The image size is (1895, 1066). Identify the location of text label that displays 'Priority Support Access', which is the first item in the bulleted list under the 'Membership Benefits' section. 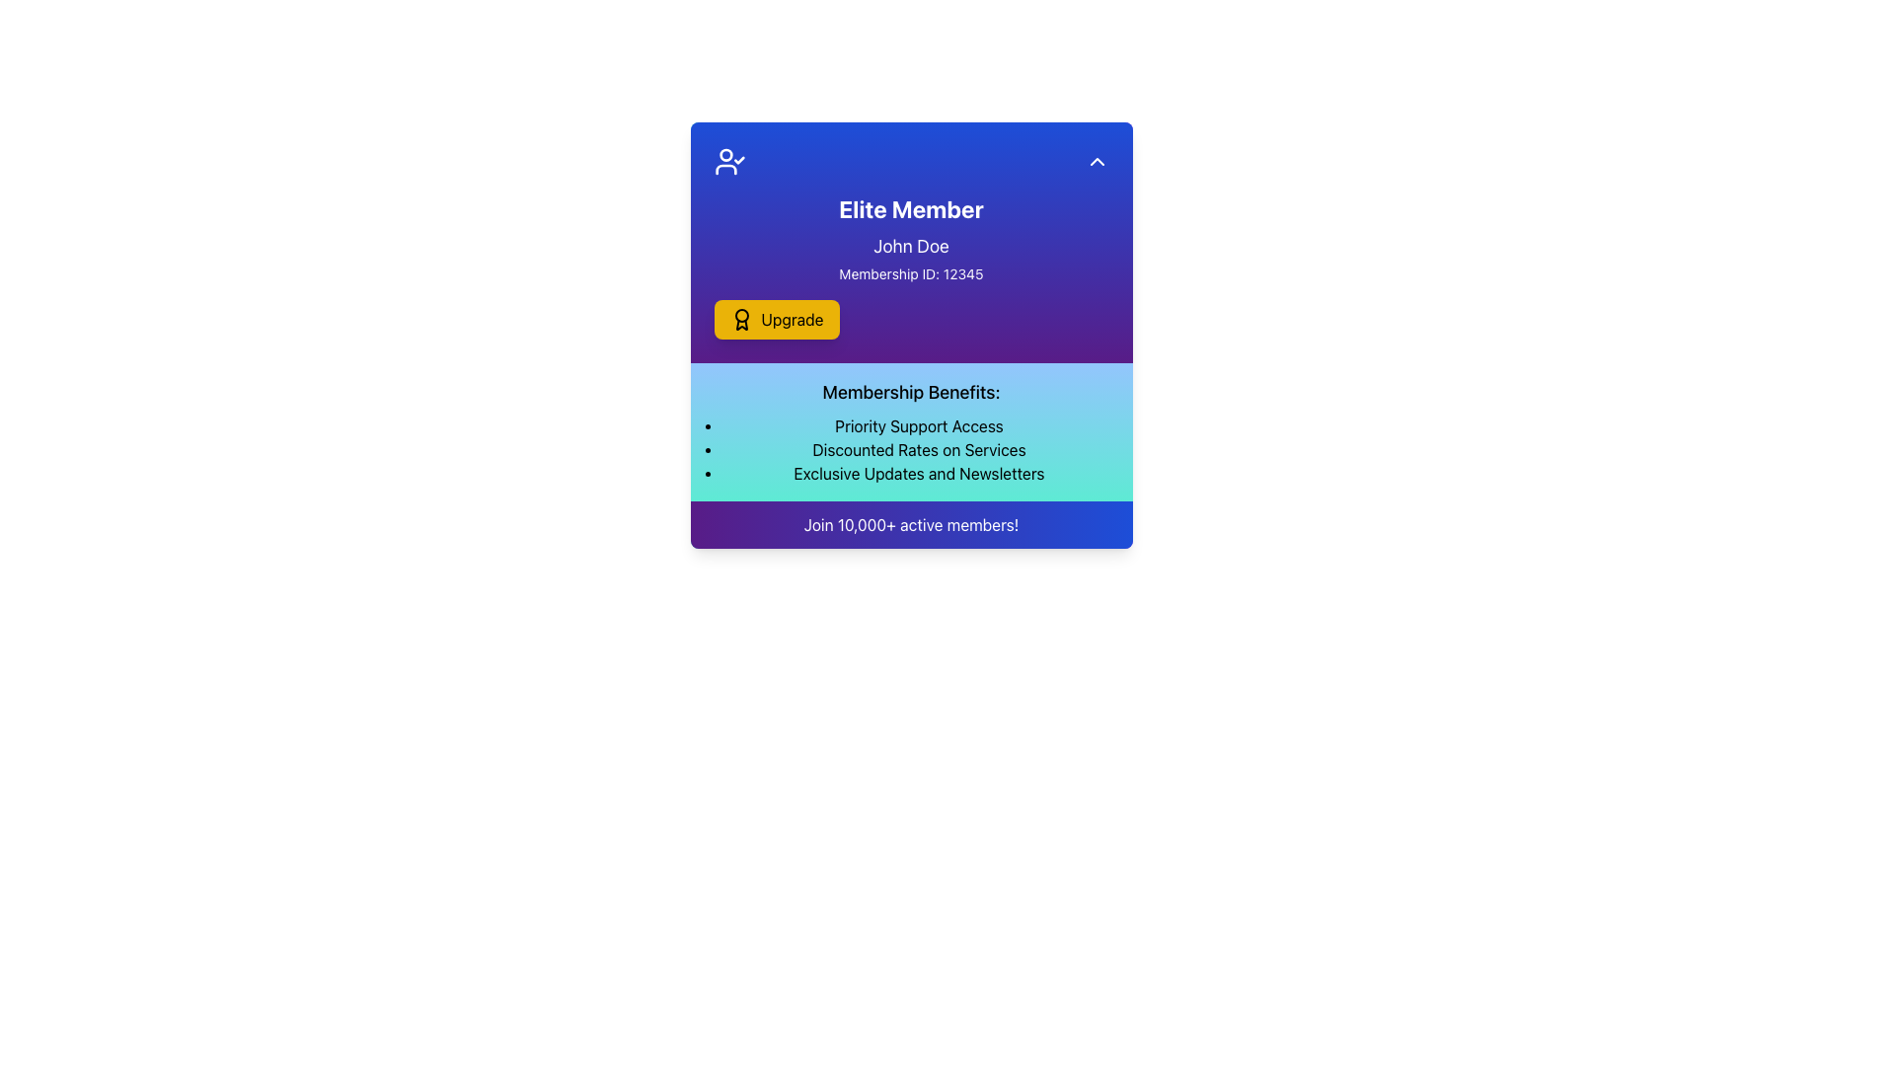
(918, 425).